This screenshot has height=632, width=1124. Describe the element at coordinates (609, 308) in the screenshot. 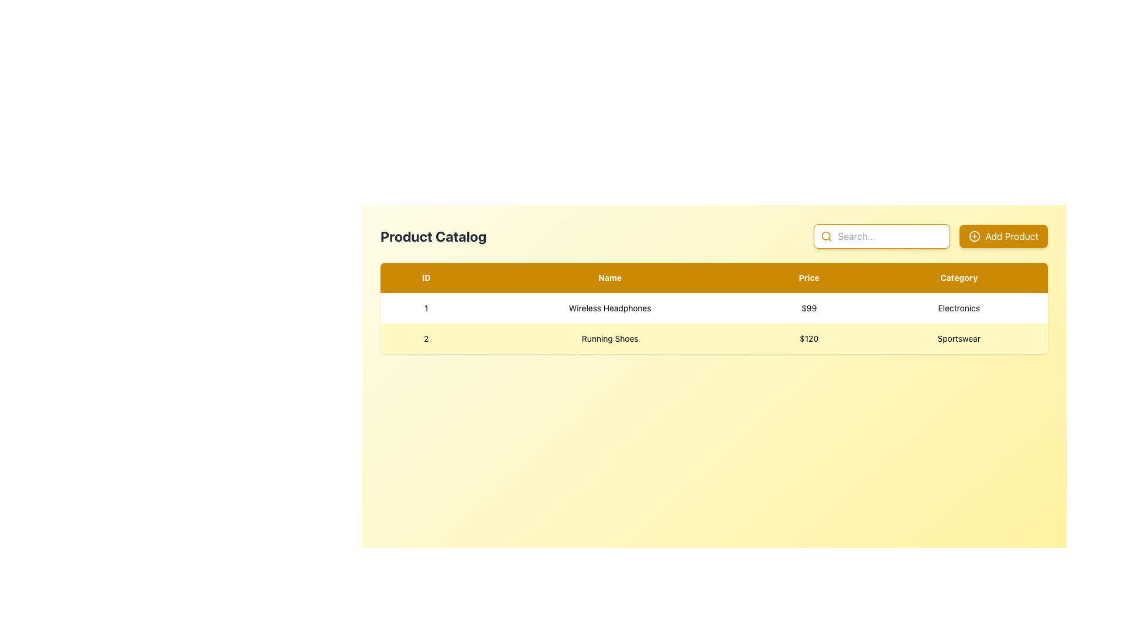

I see `the 'Wireless Headphones' text label, which is located in the 'Name' column of the first row in the 'Product Catalog' table` at that location.